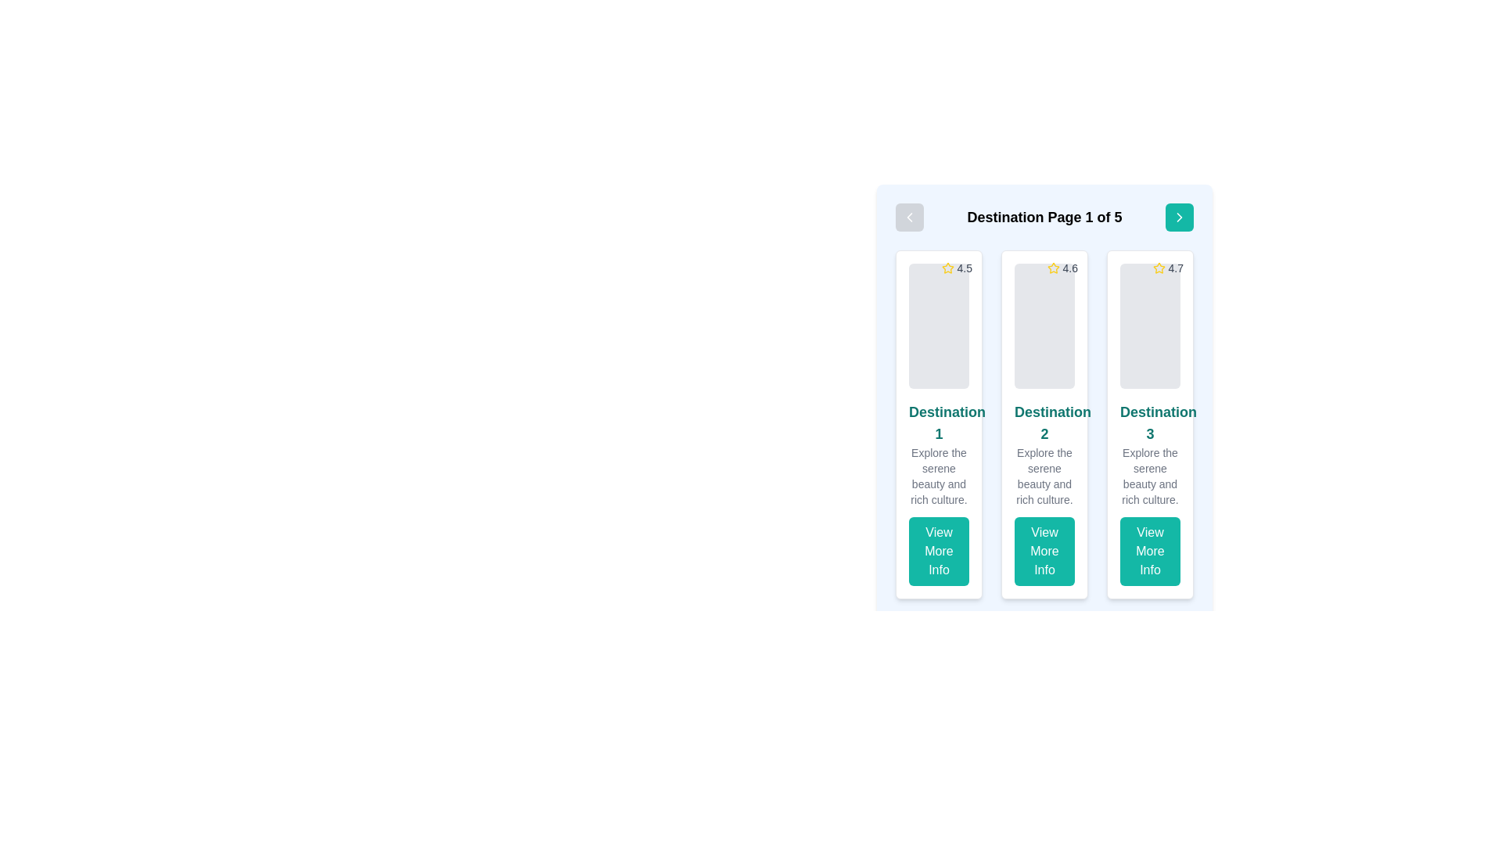 Image resolution: width=1502 pixels, height=845 pixels. I want to click on the navigational icon located at the top-right corner of the interface, near the label 'Destination Page 1 of 5', so click(1179, 217).